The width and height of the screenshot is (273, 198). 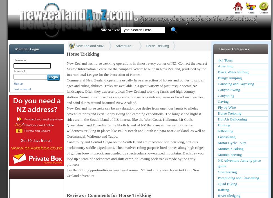 I want to click on 'Bungy Jumping', so click(x=217, y=78).